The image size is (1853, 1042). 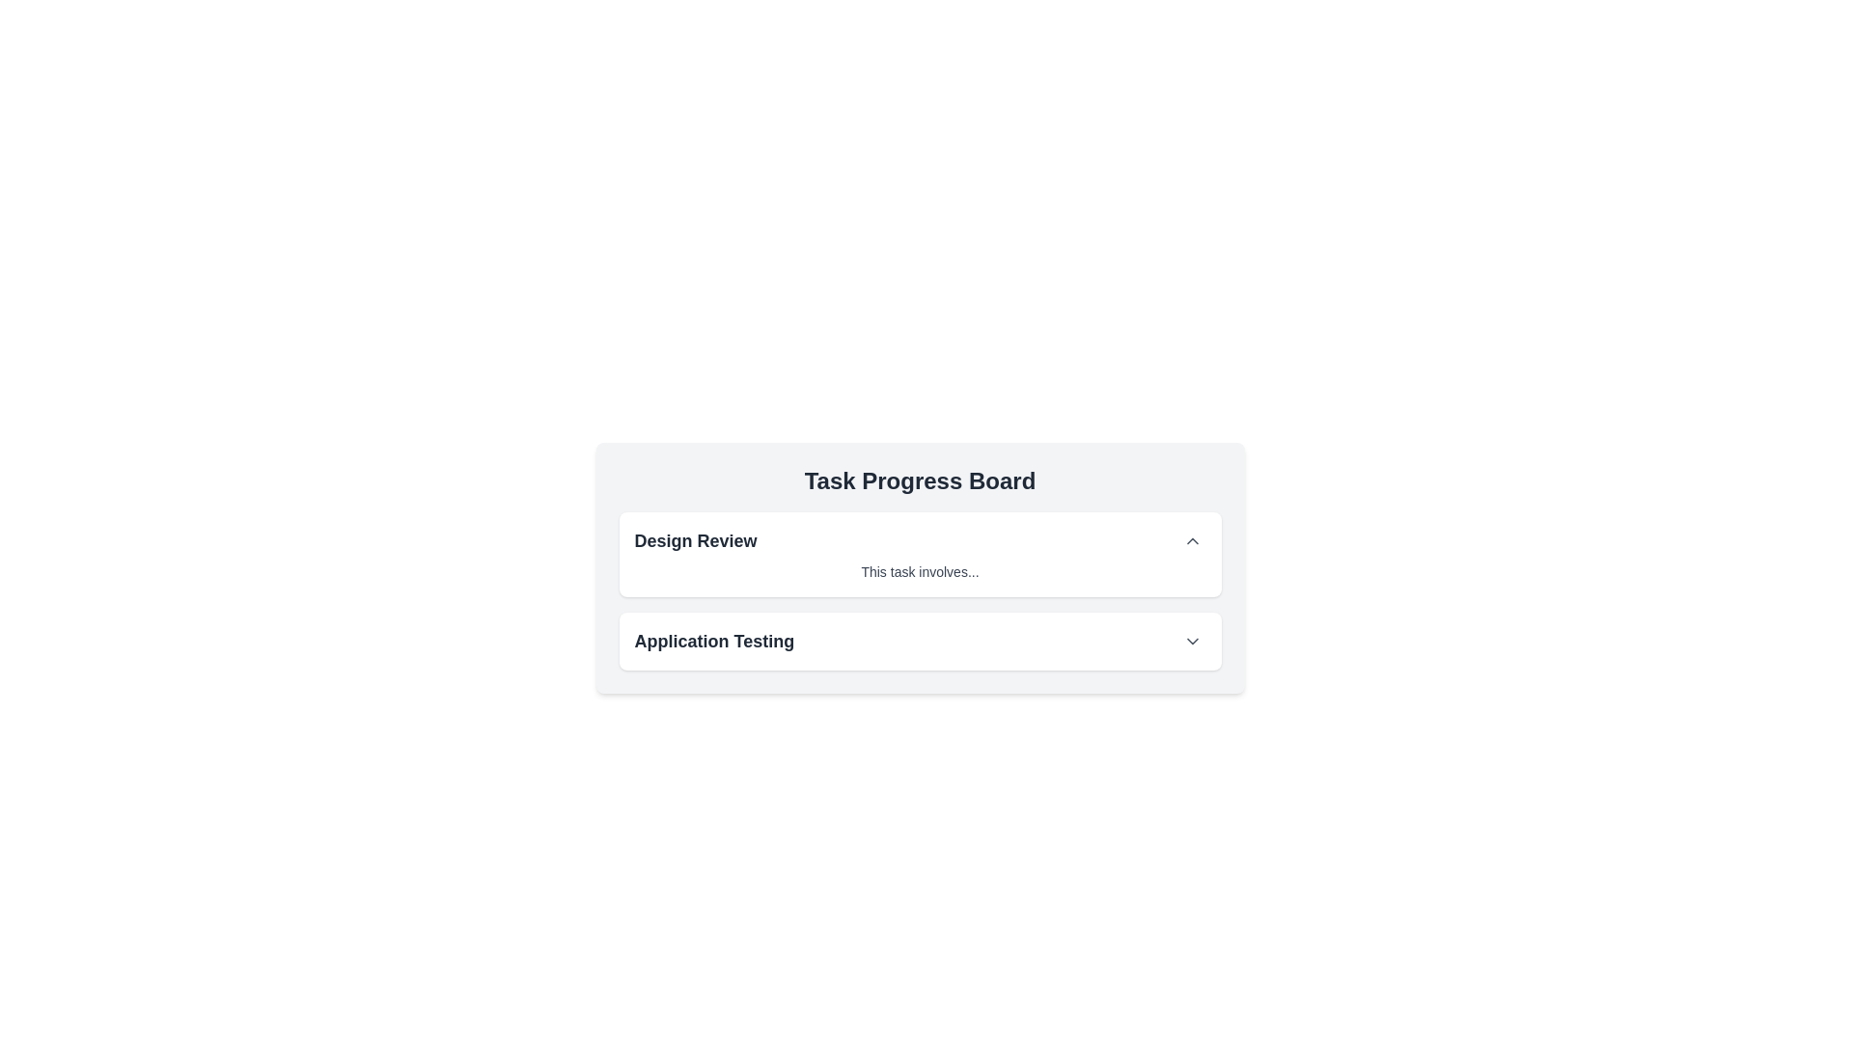 I want to click on the Chevron Up icon in the top-right corner of the 'Design Review' section, so click(x=1191, y=540).